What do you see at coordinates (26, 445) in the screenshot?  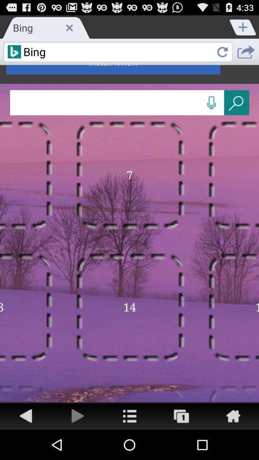 I see `the arrow_backward icon` at bounding box center [26, 445].